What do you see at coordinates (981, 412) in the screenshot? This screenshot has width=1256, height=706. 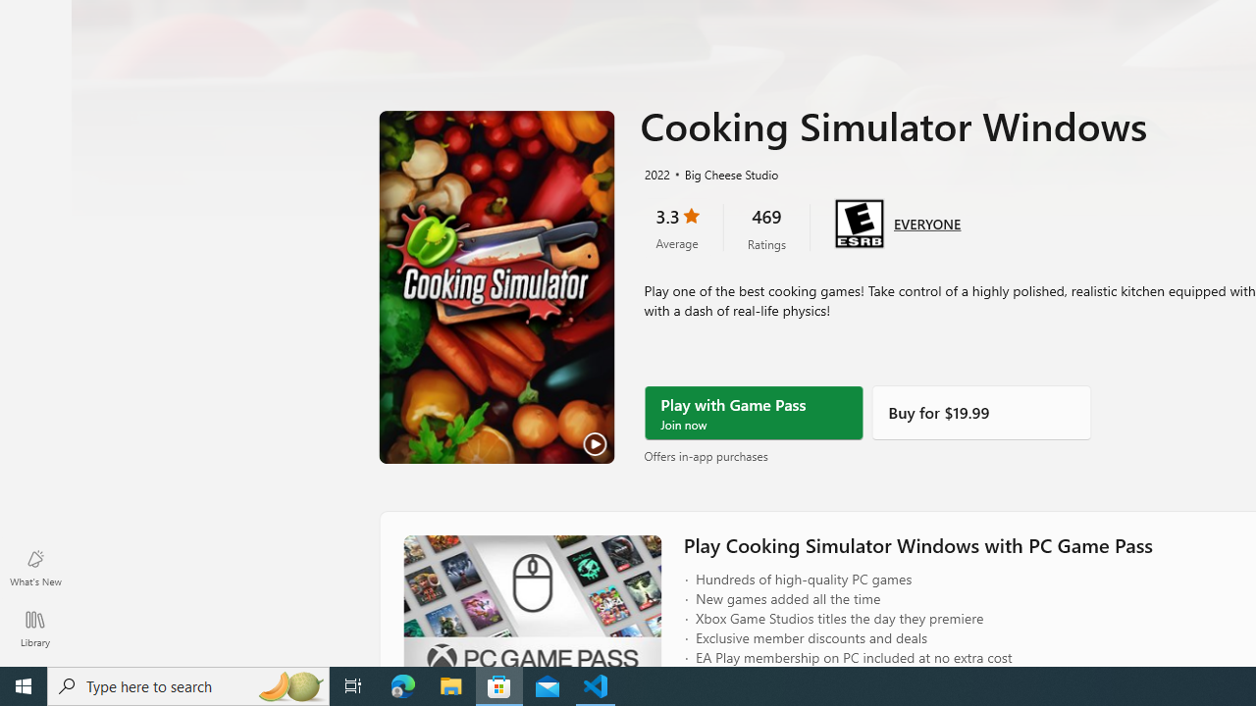 I see `'Buy'` at bounding box center [981, 412].